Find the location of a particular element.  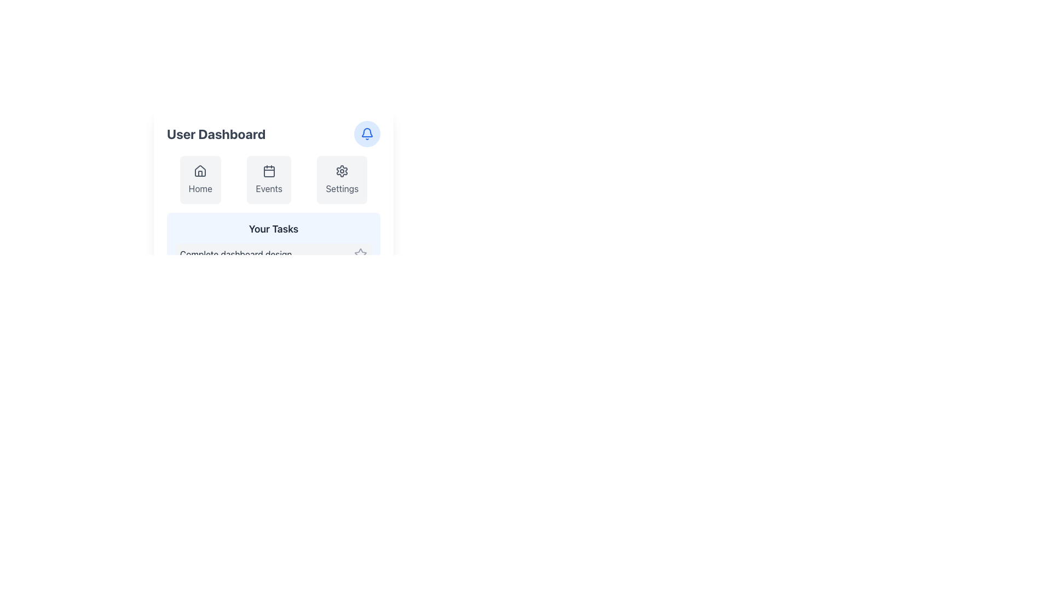

the second card in the horizontal menu, which serves as a navigation option is located at coordinates (269, 179).